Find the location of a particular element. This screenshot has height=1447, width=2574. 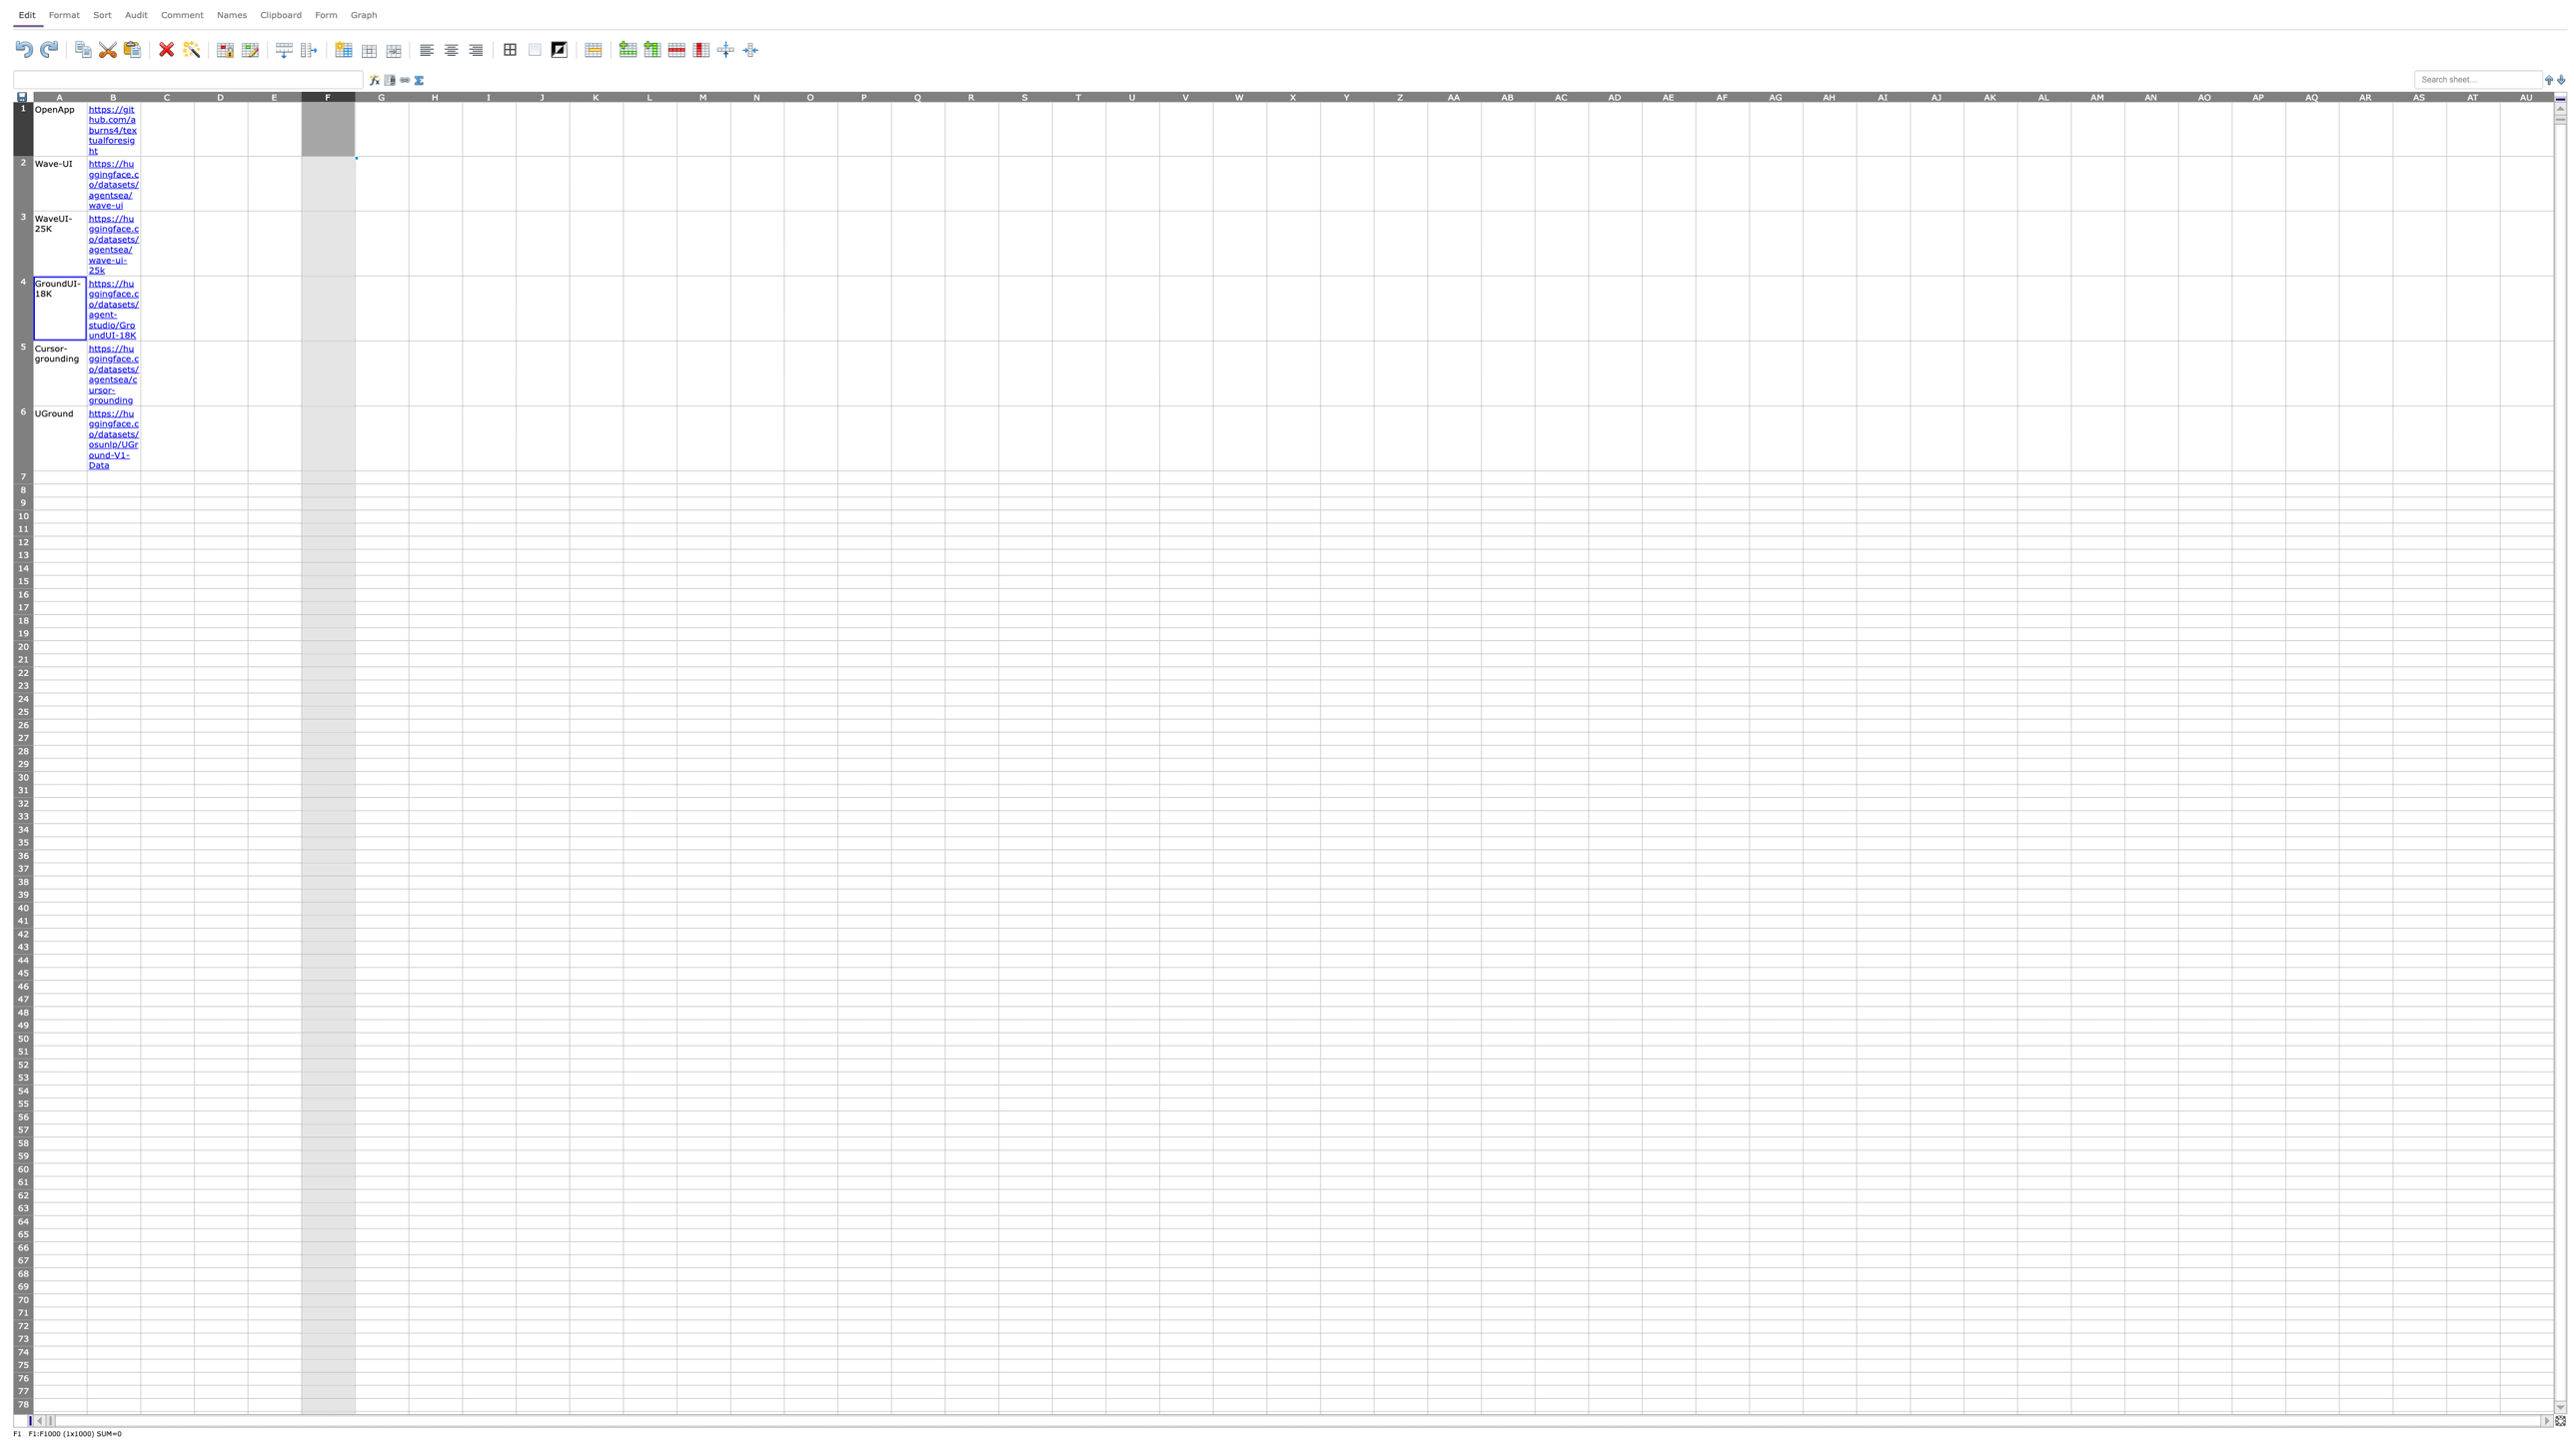

Activate entire column J is located at coordinates (543, 95).